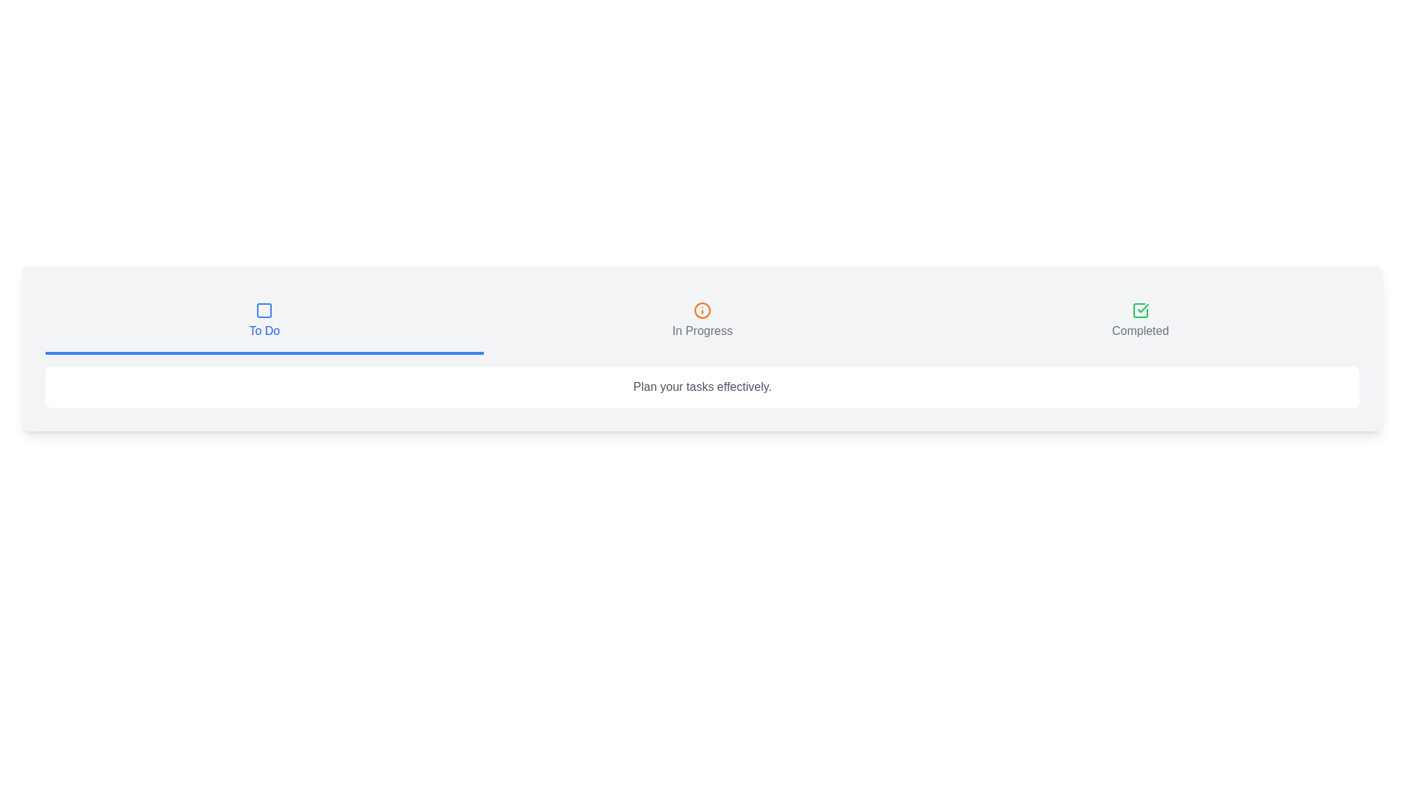 The image size is (1414, 795). Describe the element at coordinates (1139, 322) in the screenshot. I see `the tab Completed to view its details` at that location.